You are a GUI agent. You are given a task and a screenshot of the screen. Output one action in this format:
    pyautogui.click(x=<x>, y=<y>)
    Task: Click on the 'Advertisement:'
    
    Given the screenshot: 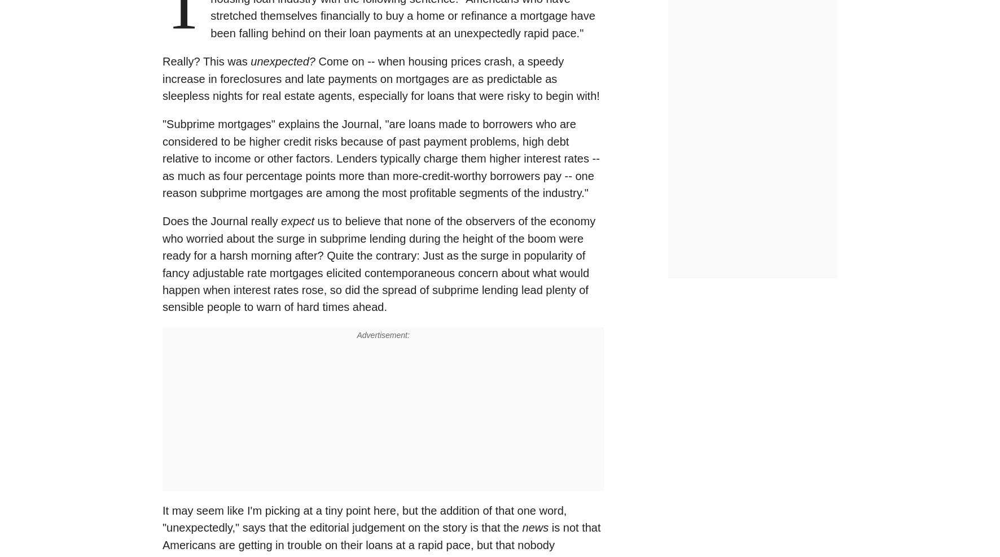 What is the action you would take?
    pyautogui.click(x=357, y=334)
    